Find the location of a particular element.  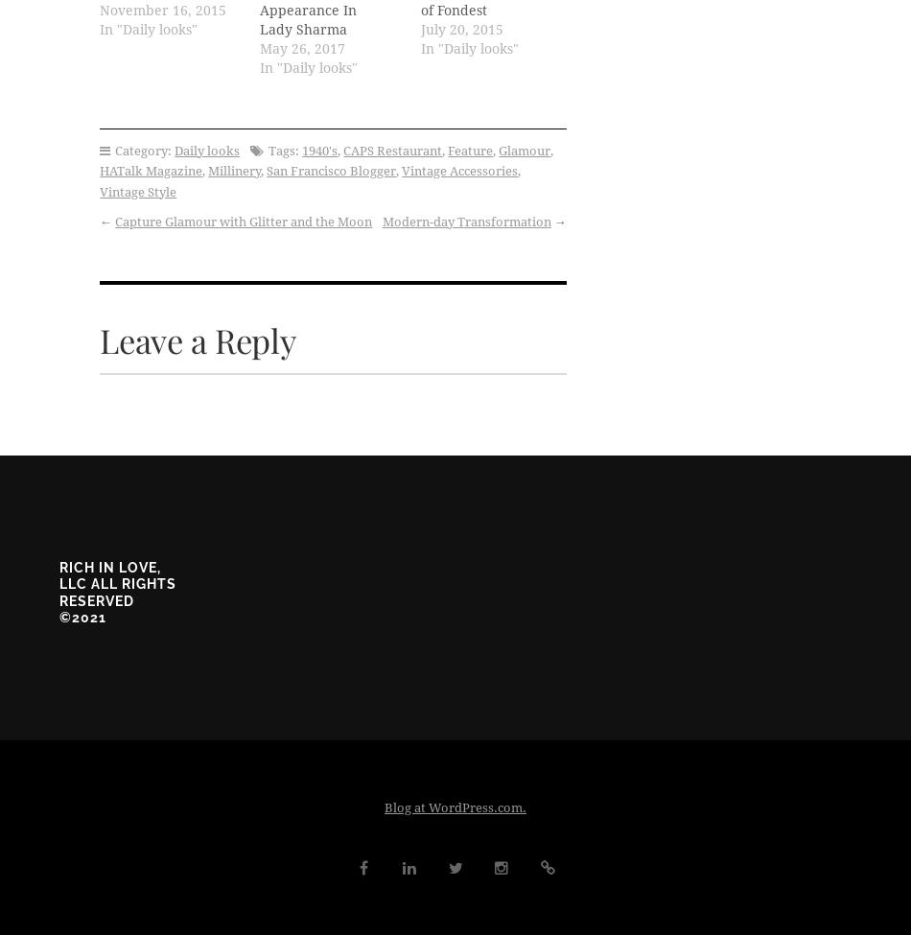

'Millinery' is located at coordinates (233, 170).